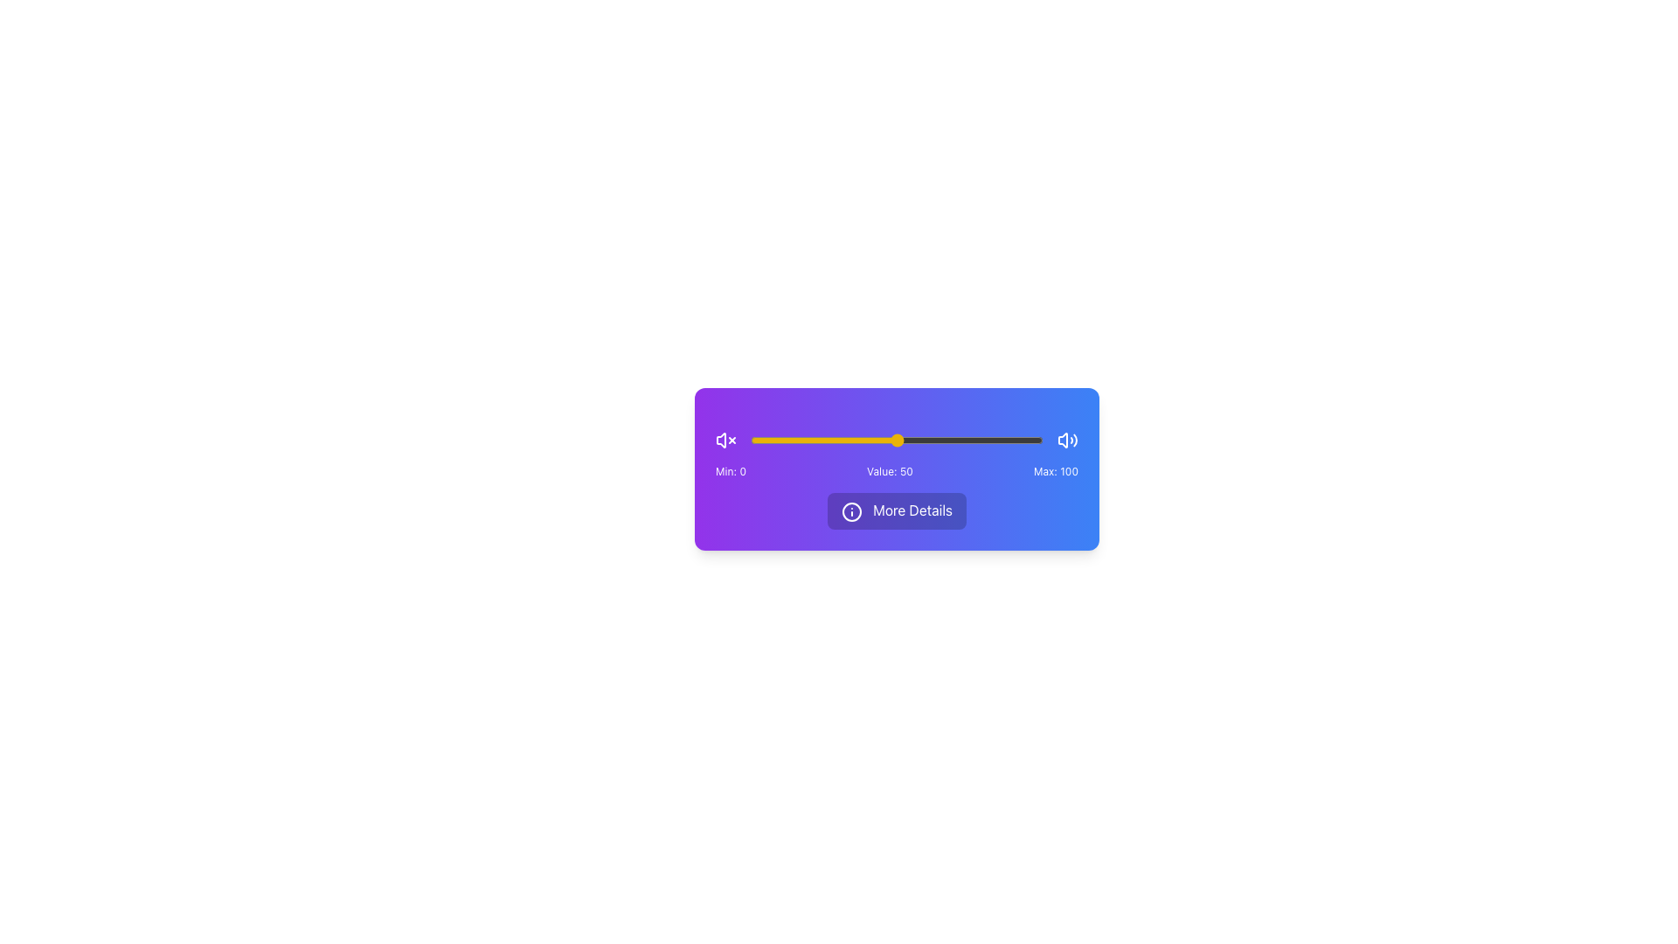  I want to click on the arrow-like icon located in the right part of the blue-themed interface card, which is part of a central icon group, so click(1062, 440).